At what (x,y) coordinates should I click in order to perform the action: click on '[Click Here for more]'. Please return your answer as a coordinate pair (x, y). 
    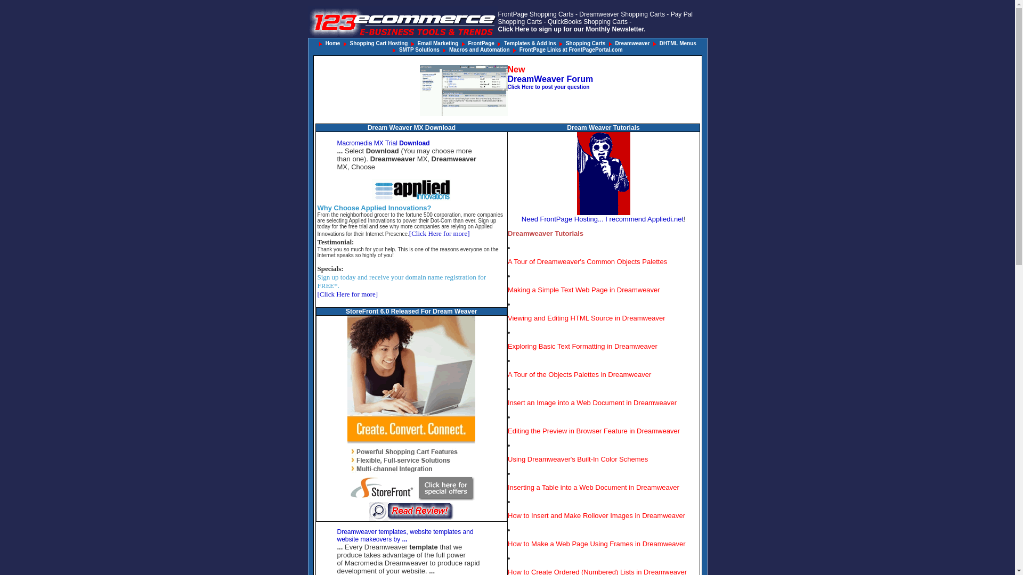
    Looking at the image, I should click on (409, 233).